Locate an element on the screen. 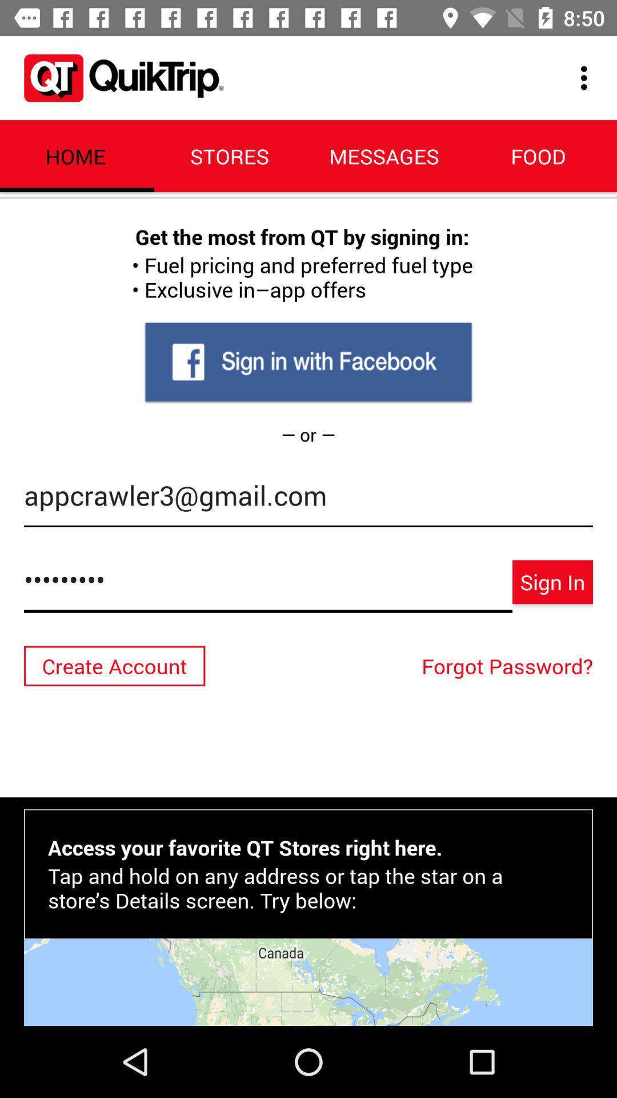  the icon below crowd3116 icon is located at coordinates (510, 666).